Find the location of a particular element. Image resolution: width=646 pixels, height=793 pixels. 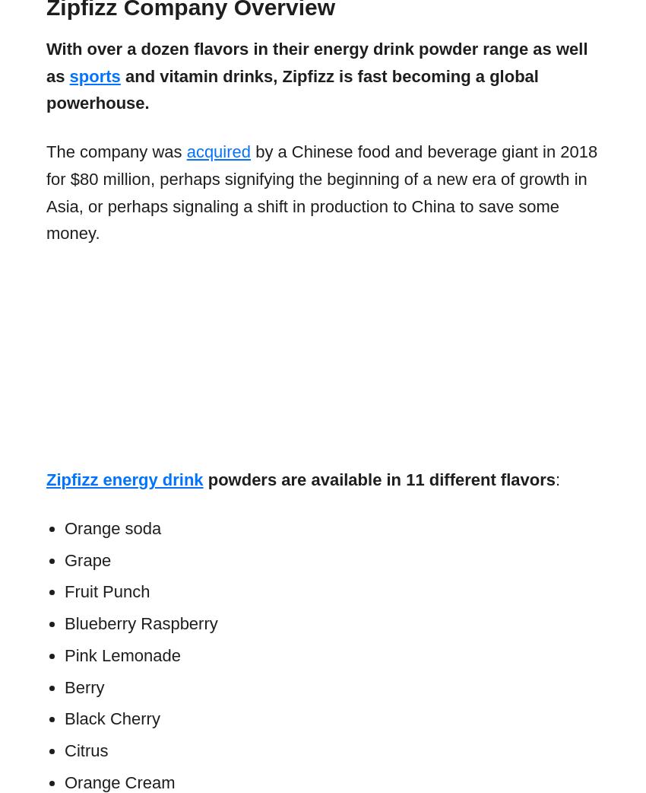

'Berry' is located at coordinates (84, 686).